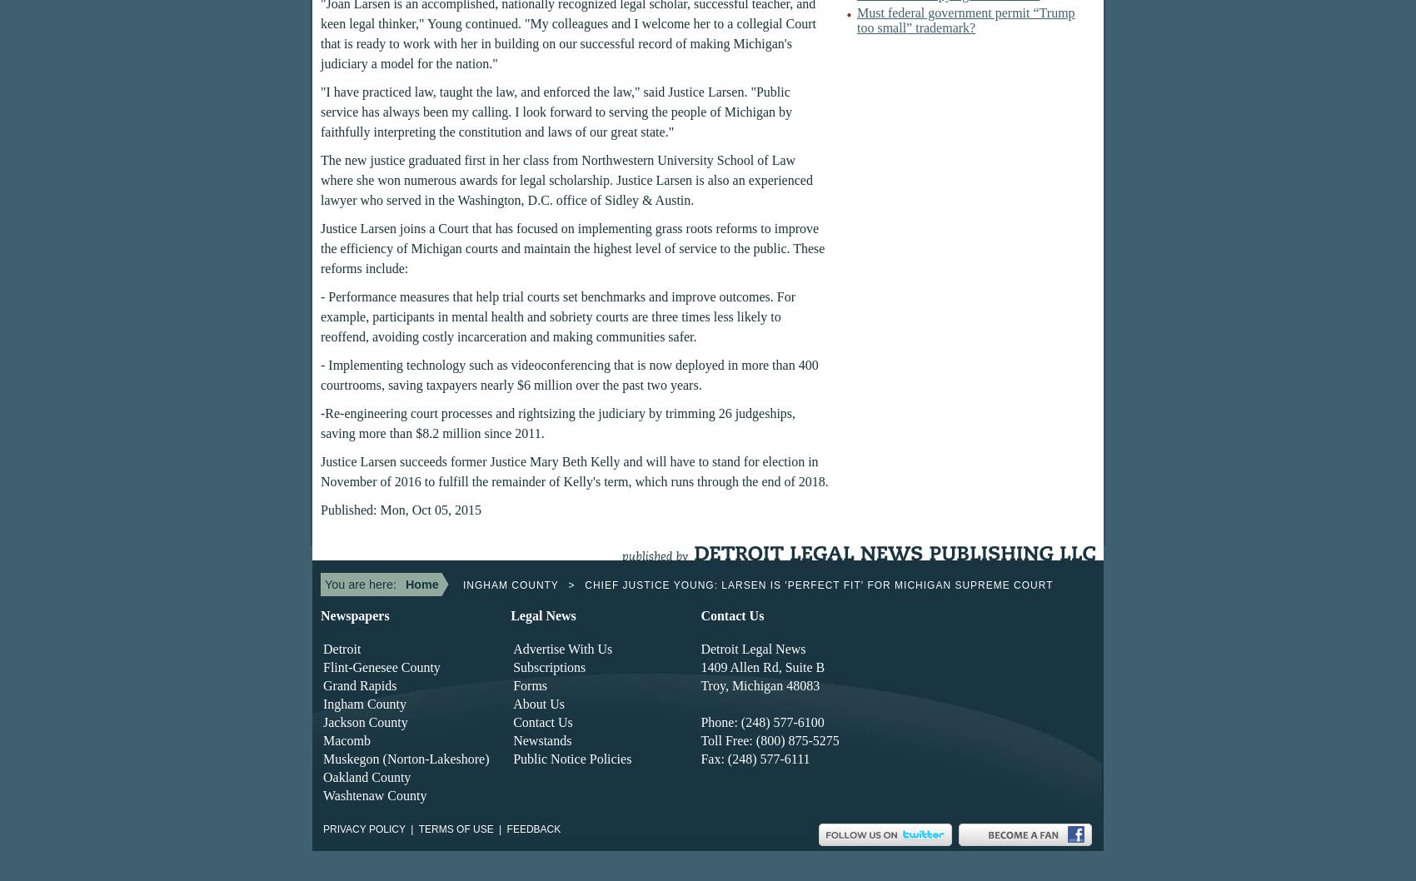  I want to click on 'Chief Justice Young: Larsen is 'perfect fit' for Michigan Supreme Court', so click(817, 585).